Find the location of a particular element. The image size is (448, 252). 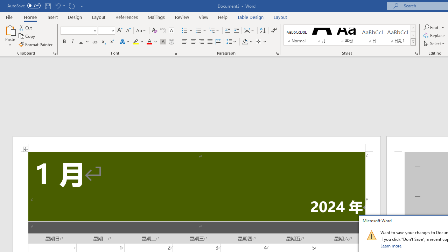

'Quick Access Toolbar' is located at coordinates (45, 6).